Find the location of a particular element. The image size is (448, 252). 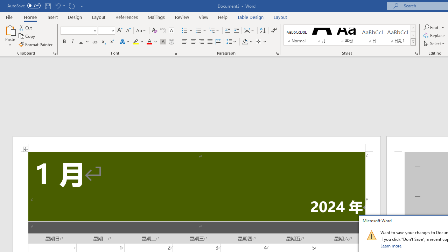

'Quick Access Toolbar' is located at coordinates (45, 6).